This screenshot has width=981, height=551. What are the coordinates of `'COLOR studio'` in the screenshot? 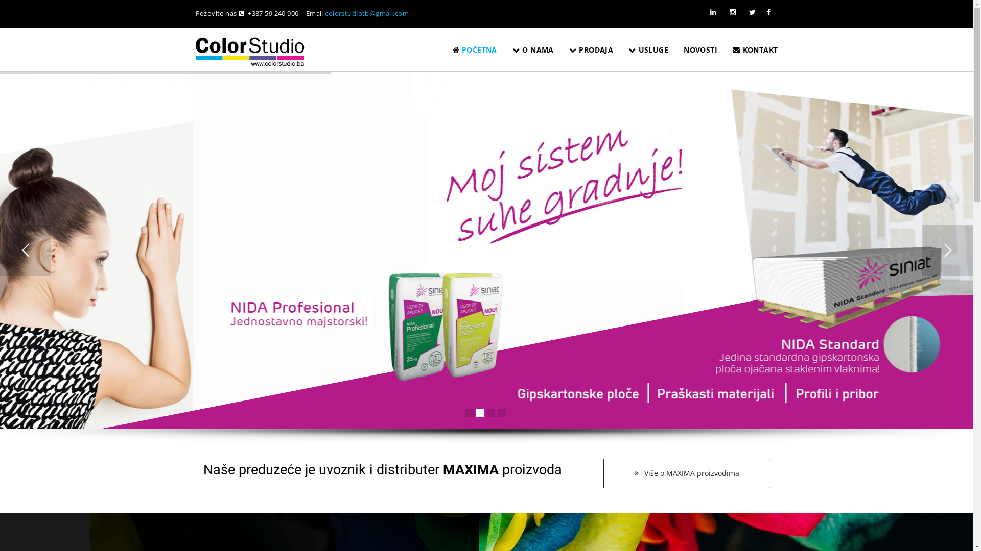 It's located at (250, 53).